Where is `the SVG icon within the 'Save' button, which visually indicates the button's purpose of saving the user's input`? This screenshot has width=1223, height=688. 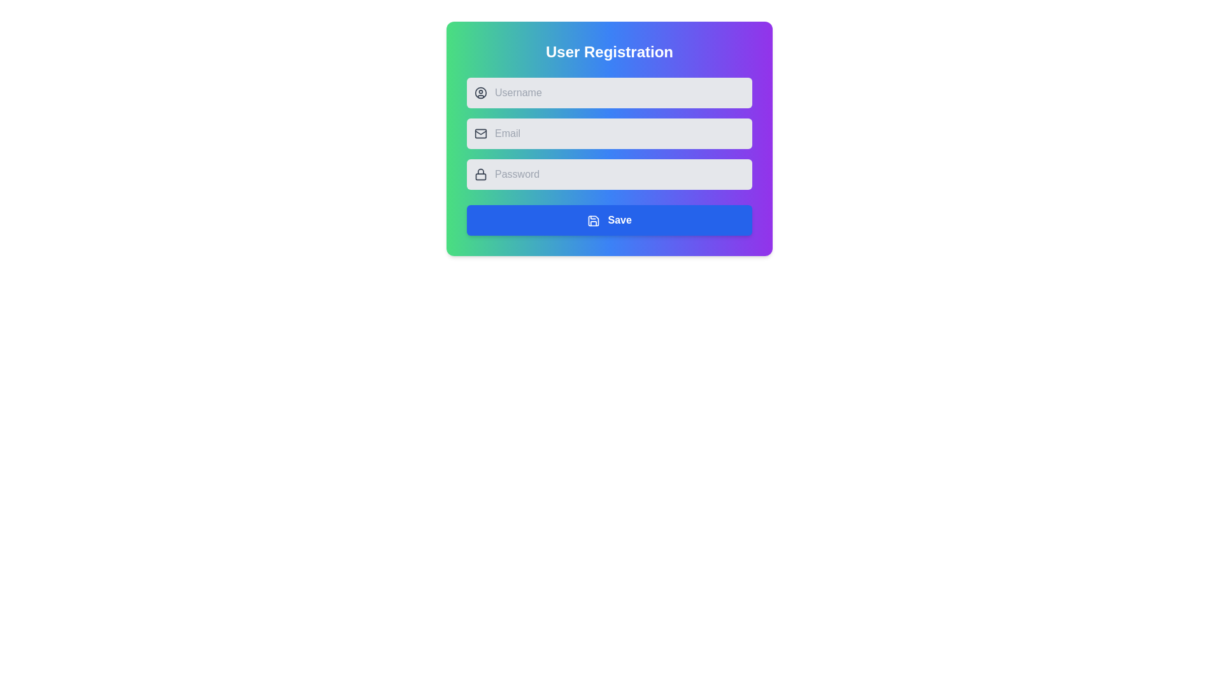
the SVG icon within the 'Save' button, which visually indicates the button's purpose of saving the user's input is located at coordinates (593, 220).